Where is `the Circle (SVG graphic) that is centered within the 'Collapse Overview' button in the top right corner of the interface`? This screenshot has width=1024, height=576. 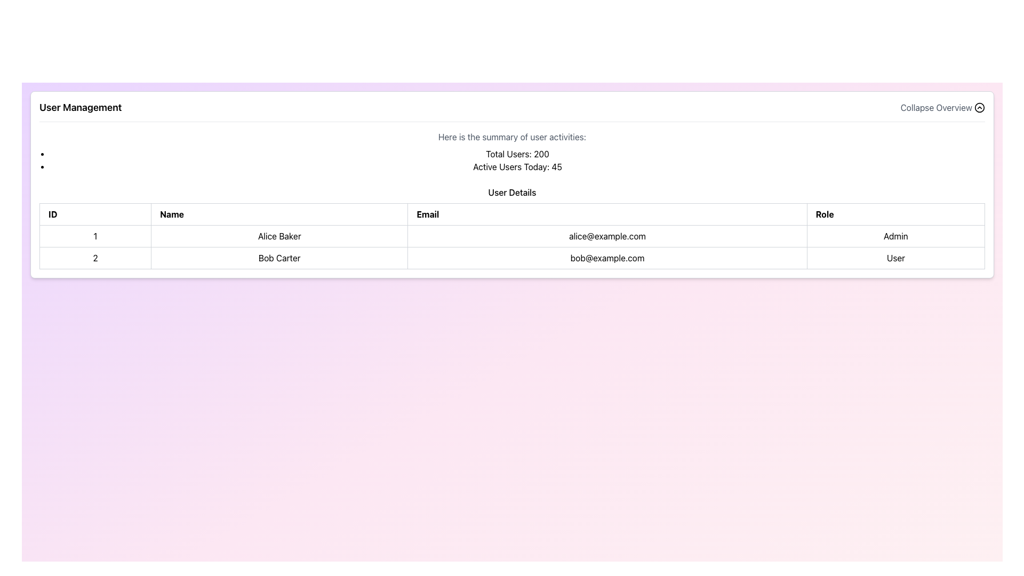
the Circle (SVG graphic) that is centered within the 'Collapse Overview' button in the top right corner of the interface is located at coordinates (980, 107).